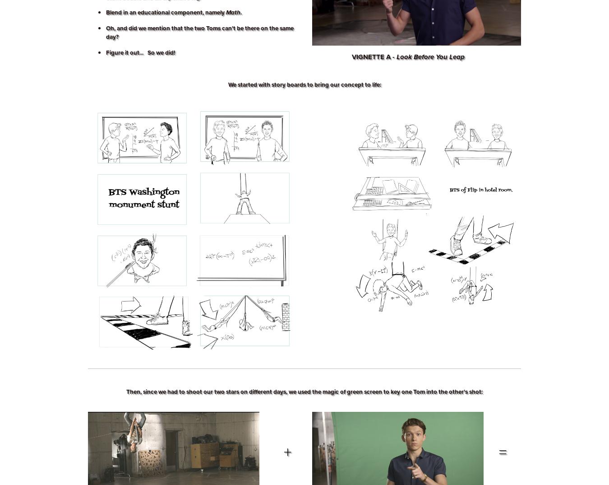 This screenshot has width=609, height=485. What do you see at coordinates (166, 12) in the screenshot?
I see `'Blend in an educational component, namely'` at bounding box center [166, 12].